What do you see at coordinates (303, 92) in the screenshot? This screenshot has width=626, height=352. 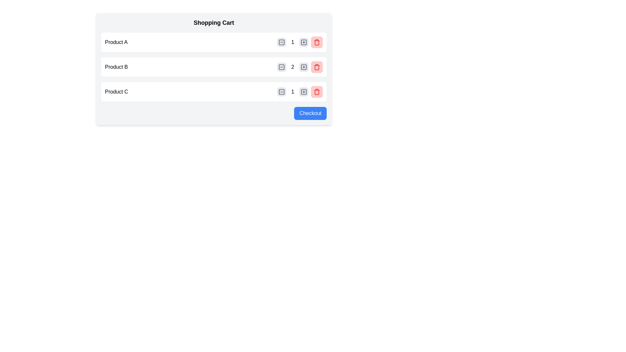 I see `the Decorative SVG element, which is a gray square outline with rounded corners, located within a button interface for adding an item to the cart` at bounding box center [303, 92].